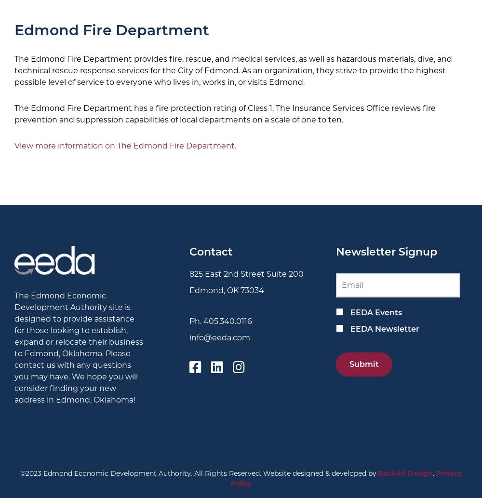 This screenshot has height=498, width=482. What do you see at coordinates (348, 364) in the screenshot?
I see `'Submit'` at bounding box center [348, 364].